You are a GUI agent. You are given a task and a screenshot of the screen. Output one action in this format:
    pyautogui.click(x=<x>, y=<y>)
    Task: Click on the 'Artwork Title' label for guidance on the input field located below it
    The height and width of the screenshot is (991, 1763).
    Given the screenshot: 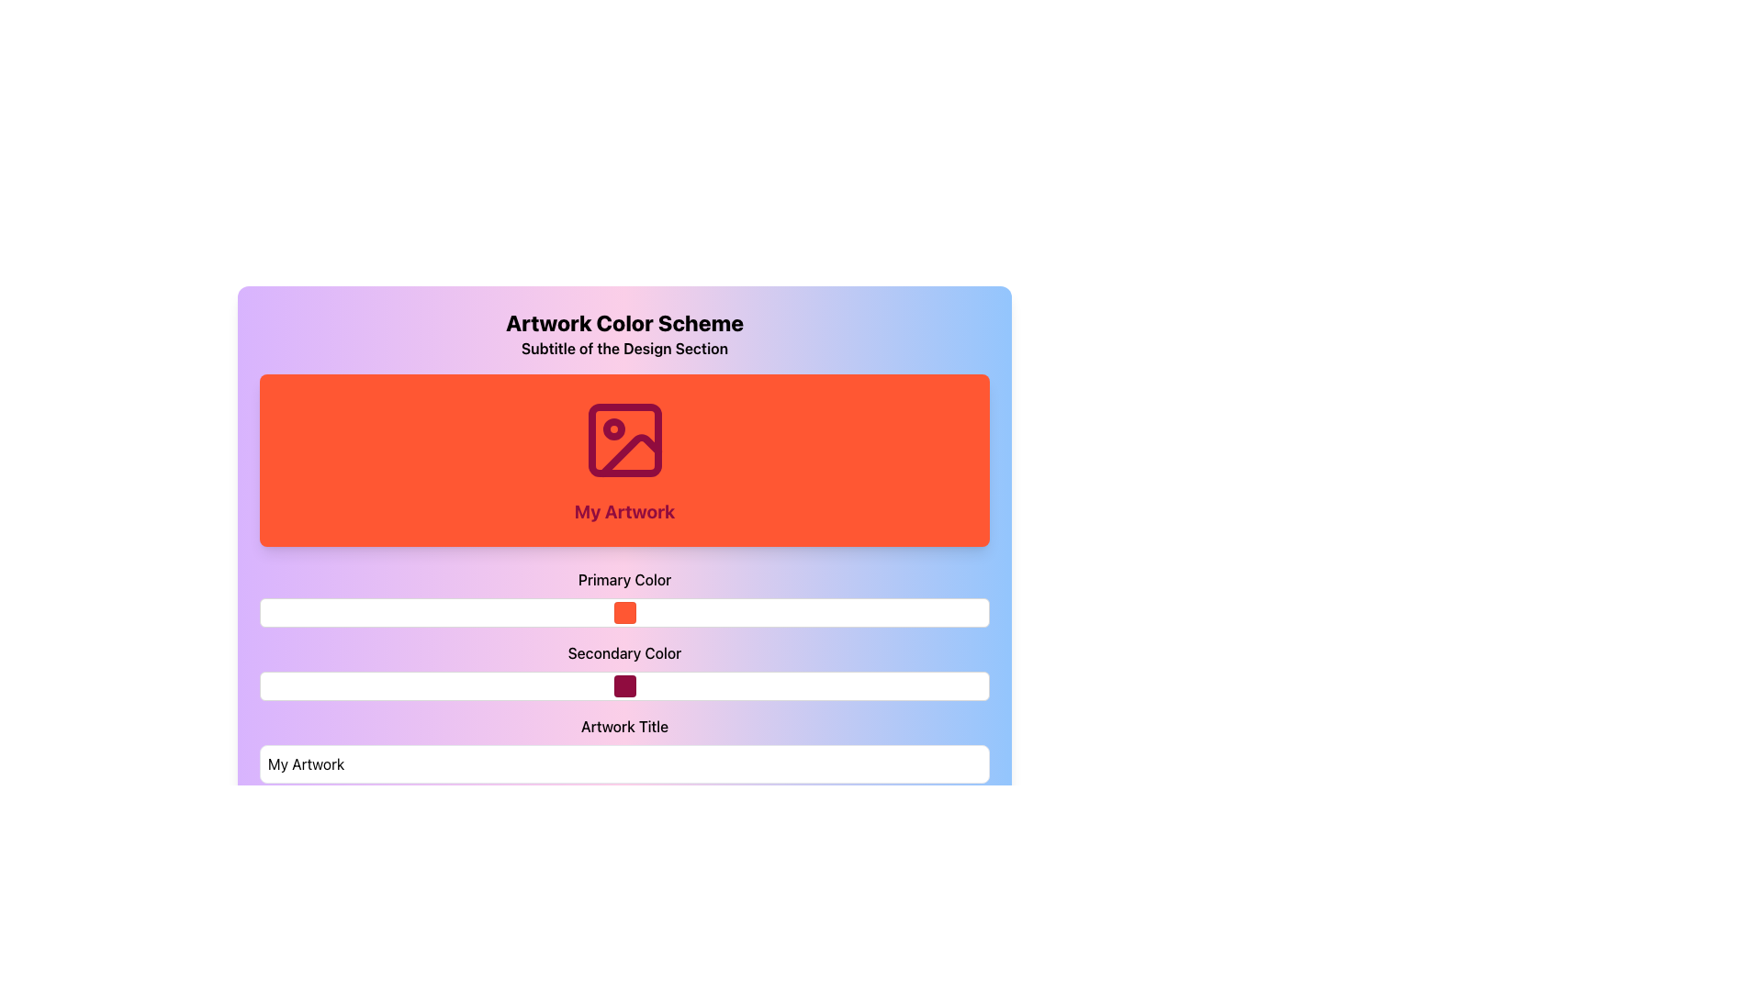 What is the action you would take?
    pyautogui.click(x=624, y=725)
    